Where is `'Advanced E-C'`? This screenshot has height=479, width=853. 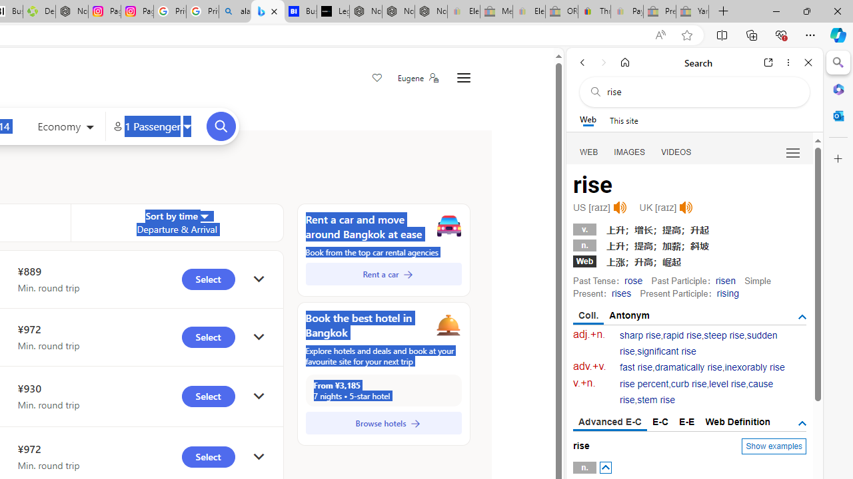
'Advanced E-C' is located at coordinates (609, 422).